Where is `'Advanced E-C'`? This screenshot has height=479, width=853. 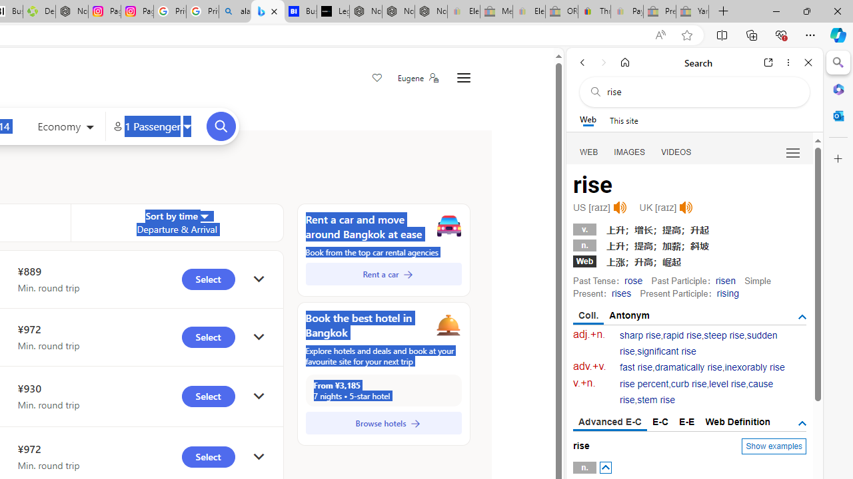
'Advanced E-C' is located at coordinates (609, 422).